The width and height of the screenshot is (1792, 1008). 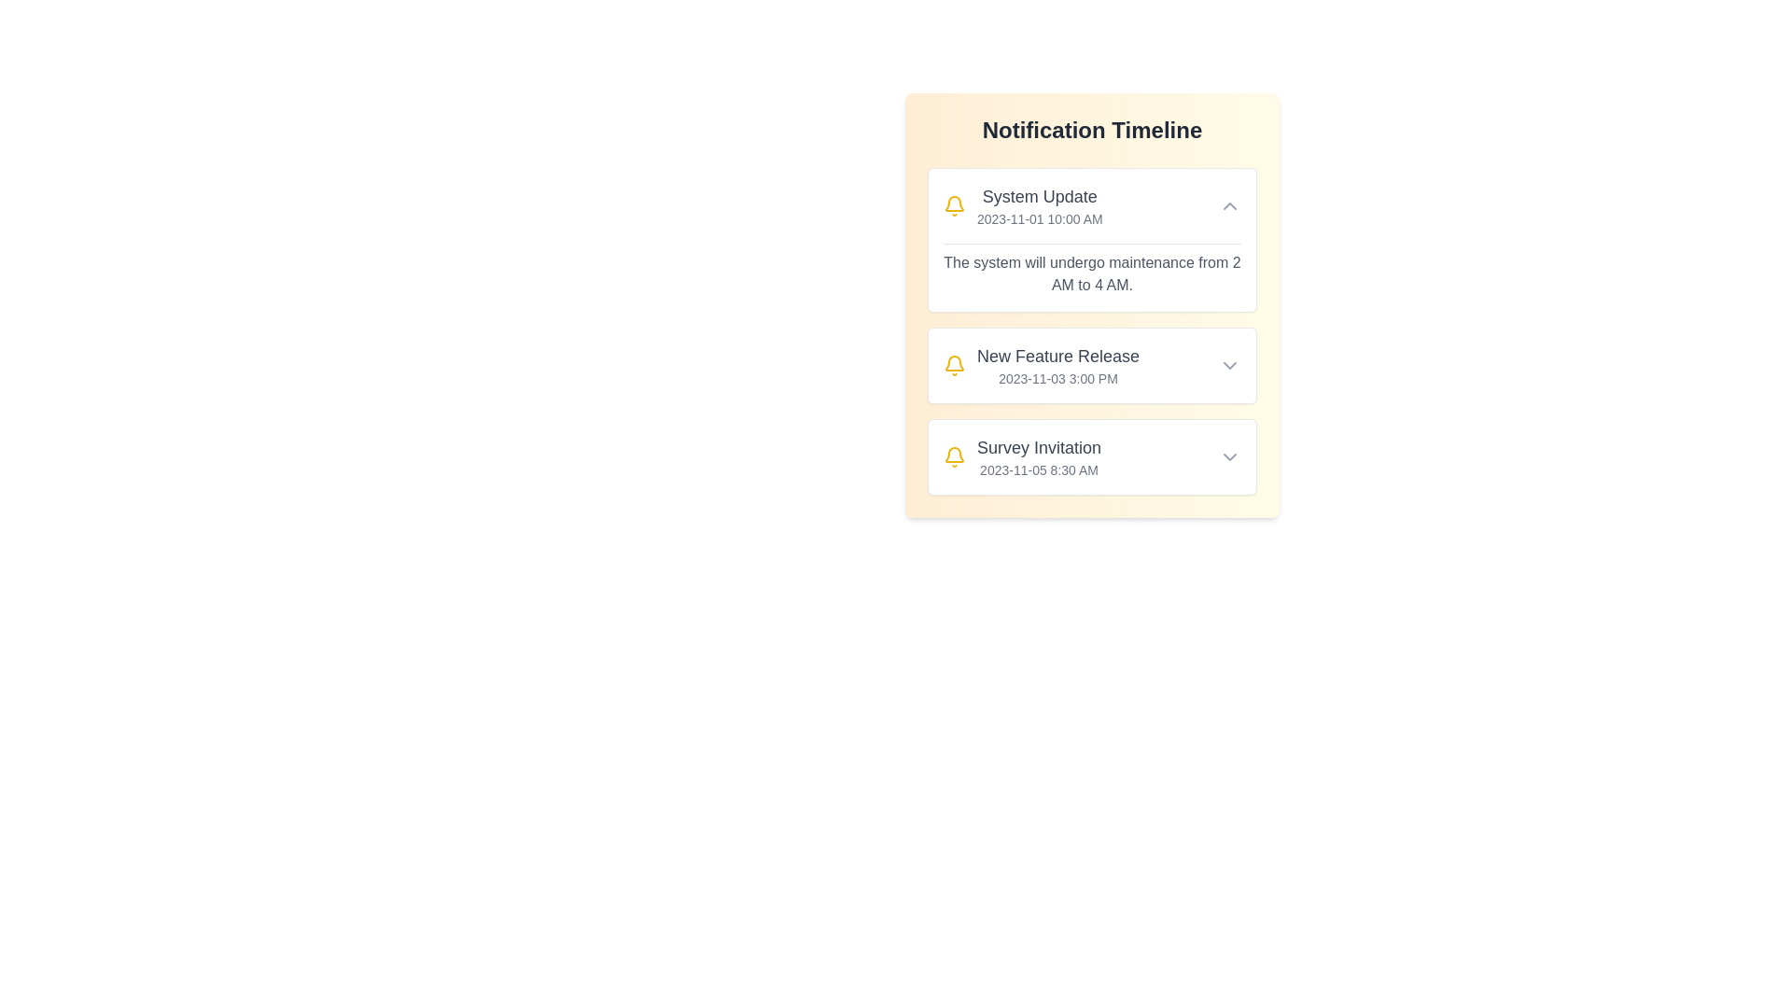 What do you see at coordinates (1092, 456) in the screenshot?
I see `the notification entry labeled 'Survey Invitation'` at bounding box center [1092, 456].